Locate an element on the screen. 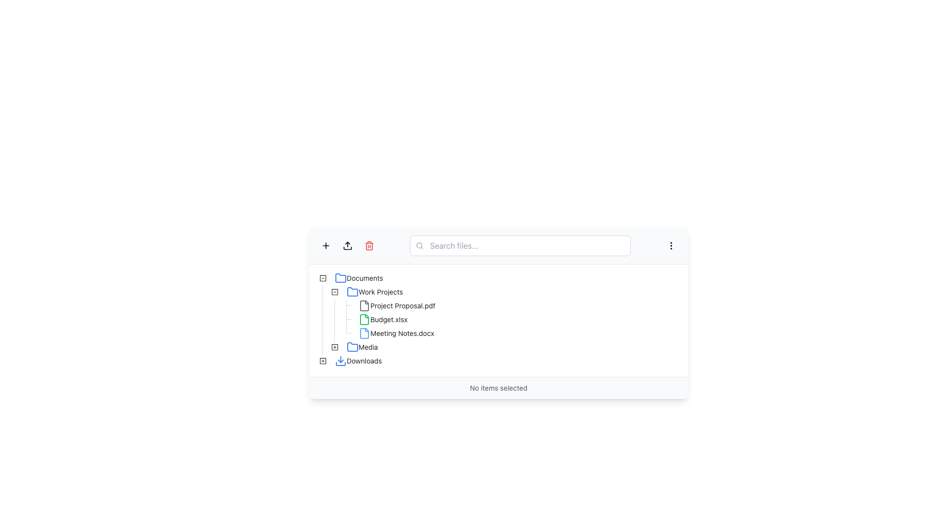 The height and width of the screenshot is (532, 947). the toggle button styled as an icon is located at coordinates (334, 292).